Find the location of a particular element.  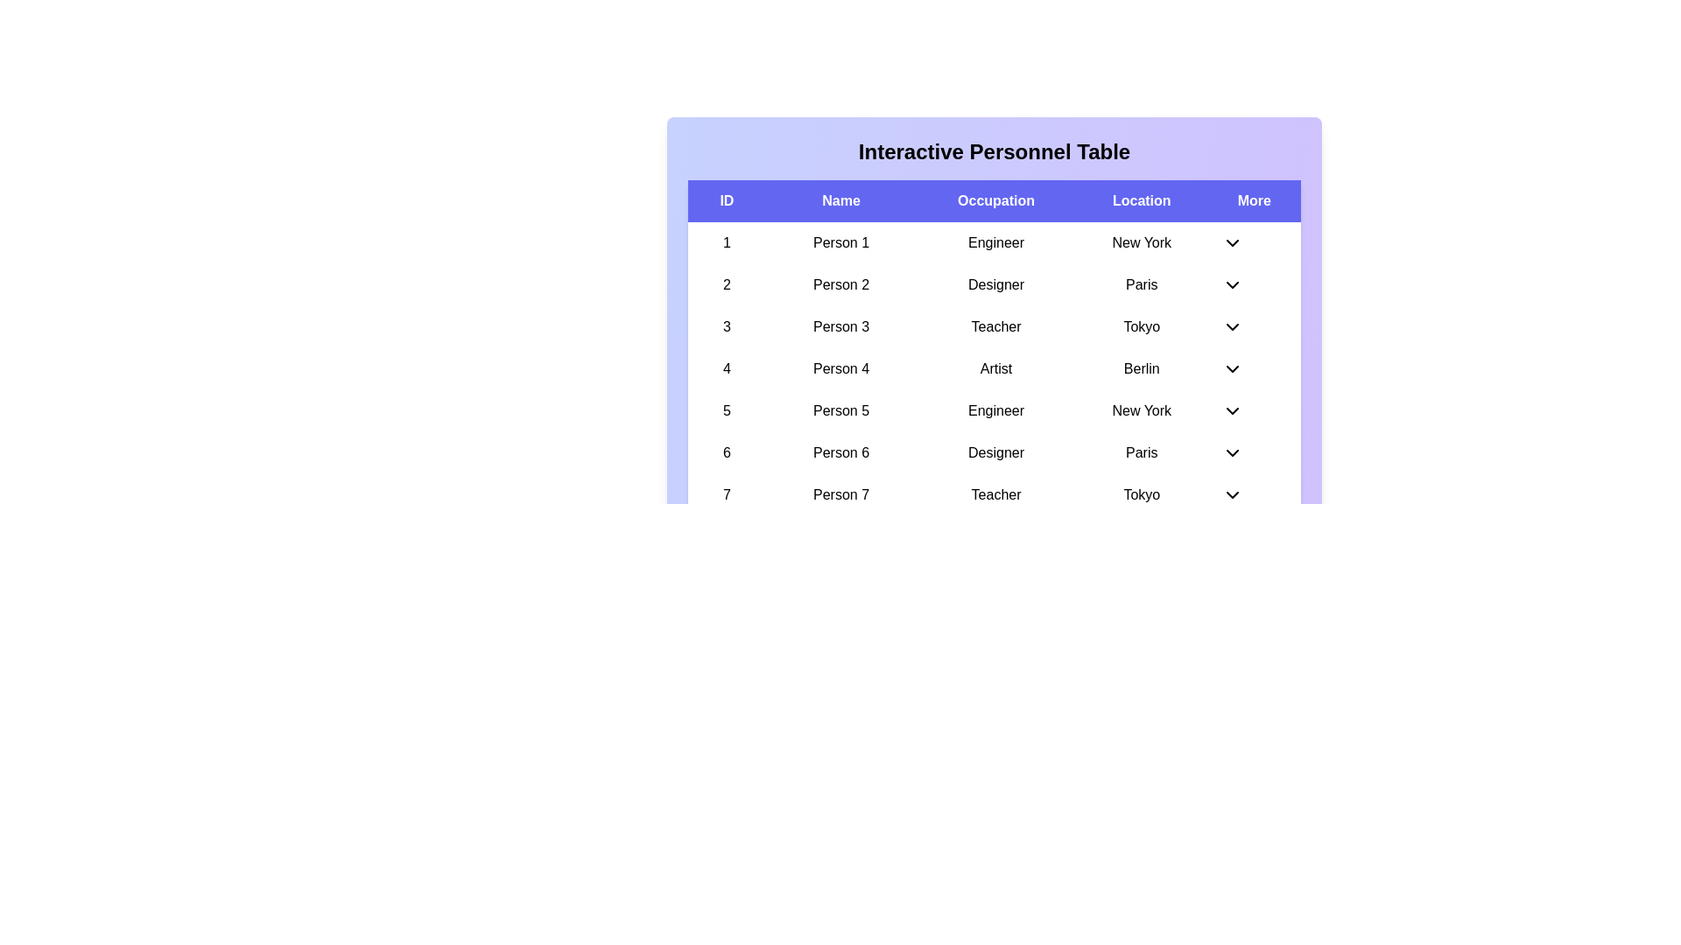

the column header More to sort the table by that column is located at coordinates (1252, 200).